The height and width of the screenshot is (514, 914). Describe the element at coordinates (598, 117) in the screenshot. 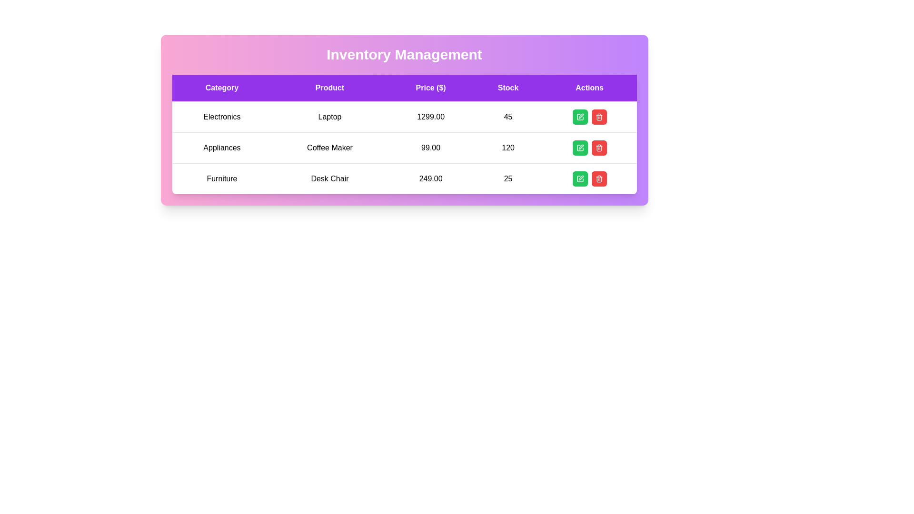

I see `the red button with a trash icon located in the 'Actions' column of the table` at that location.